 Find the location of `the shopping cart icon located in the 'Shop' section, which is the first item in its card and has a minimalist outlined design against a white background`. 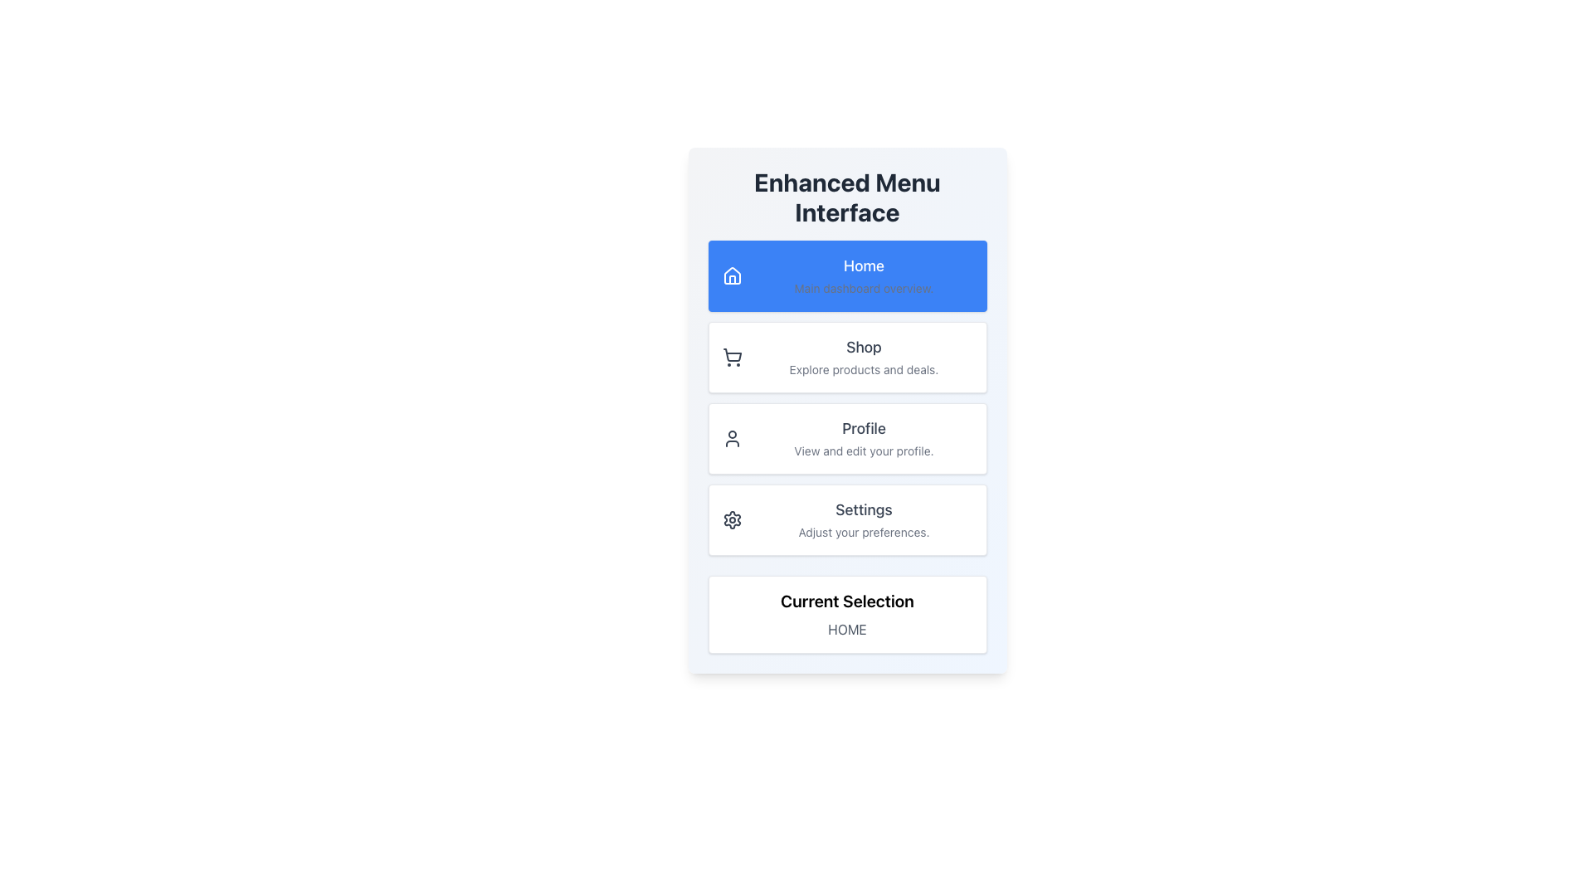

the shopping cart icon located in the 'Shop' section, which is the first item in its card and has a minimalist outlined design against a white background is located at coordinates (731, 357).